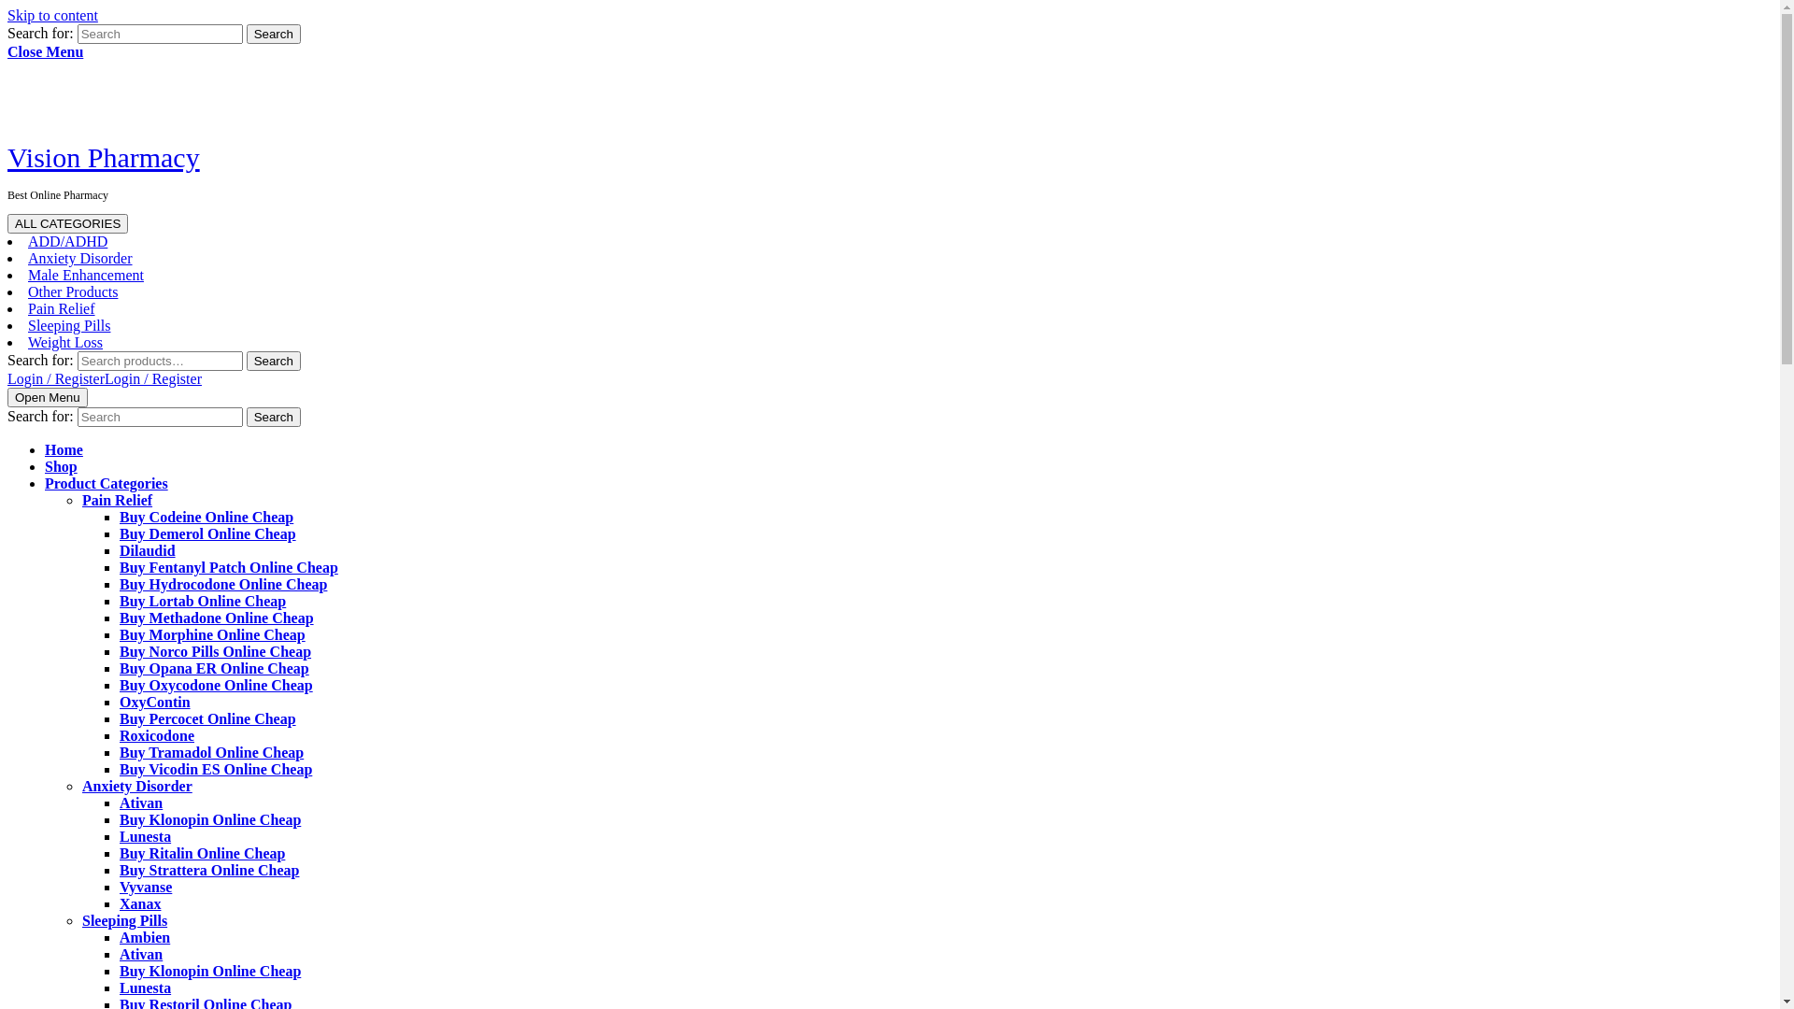 The height and width of the screenshot is (1009, 1794). Describe the element at coordinates (68, 324) in the screenshot. I see `'Sleeping Pills'` at that location.